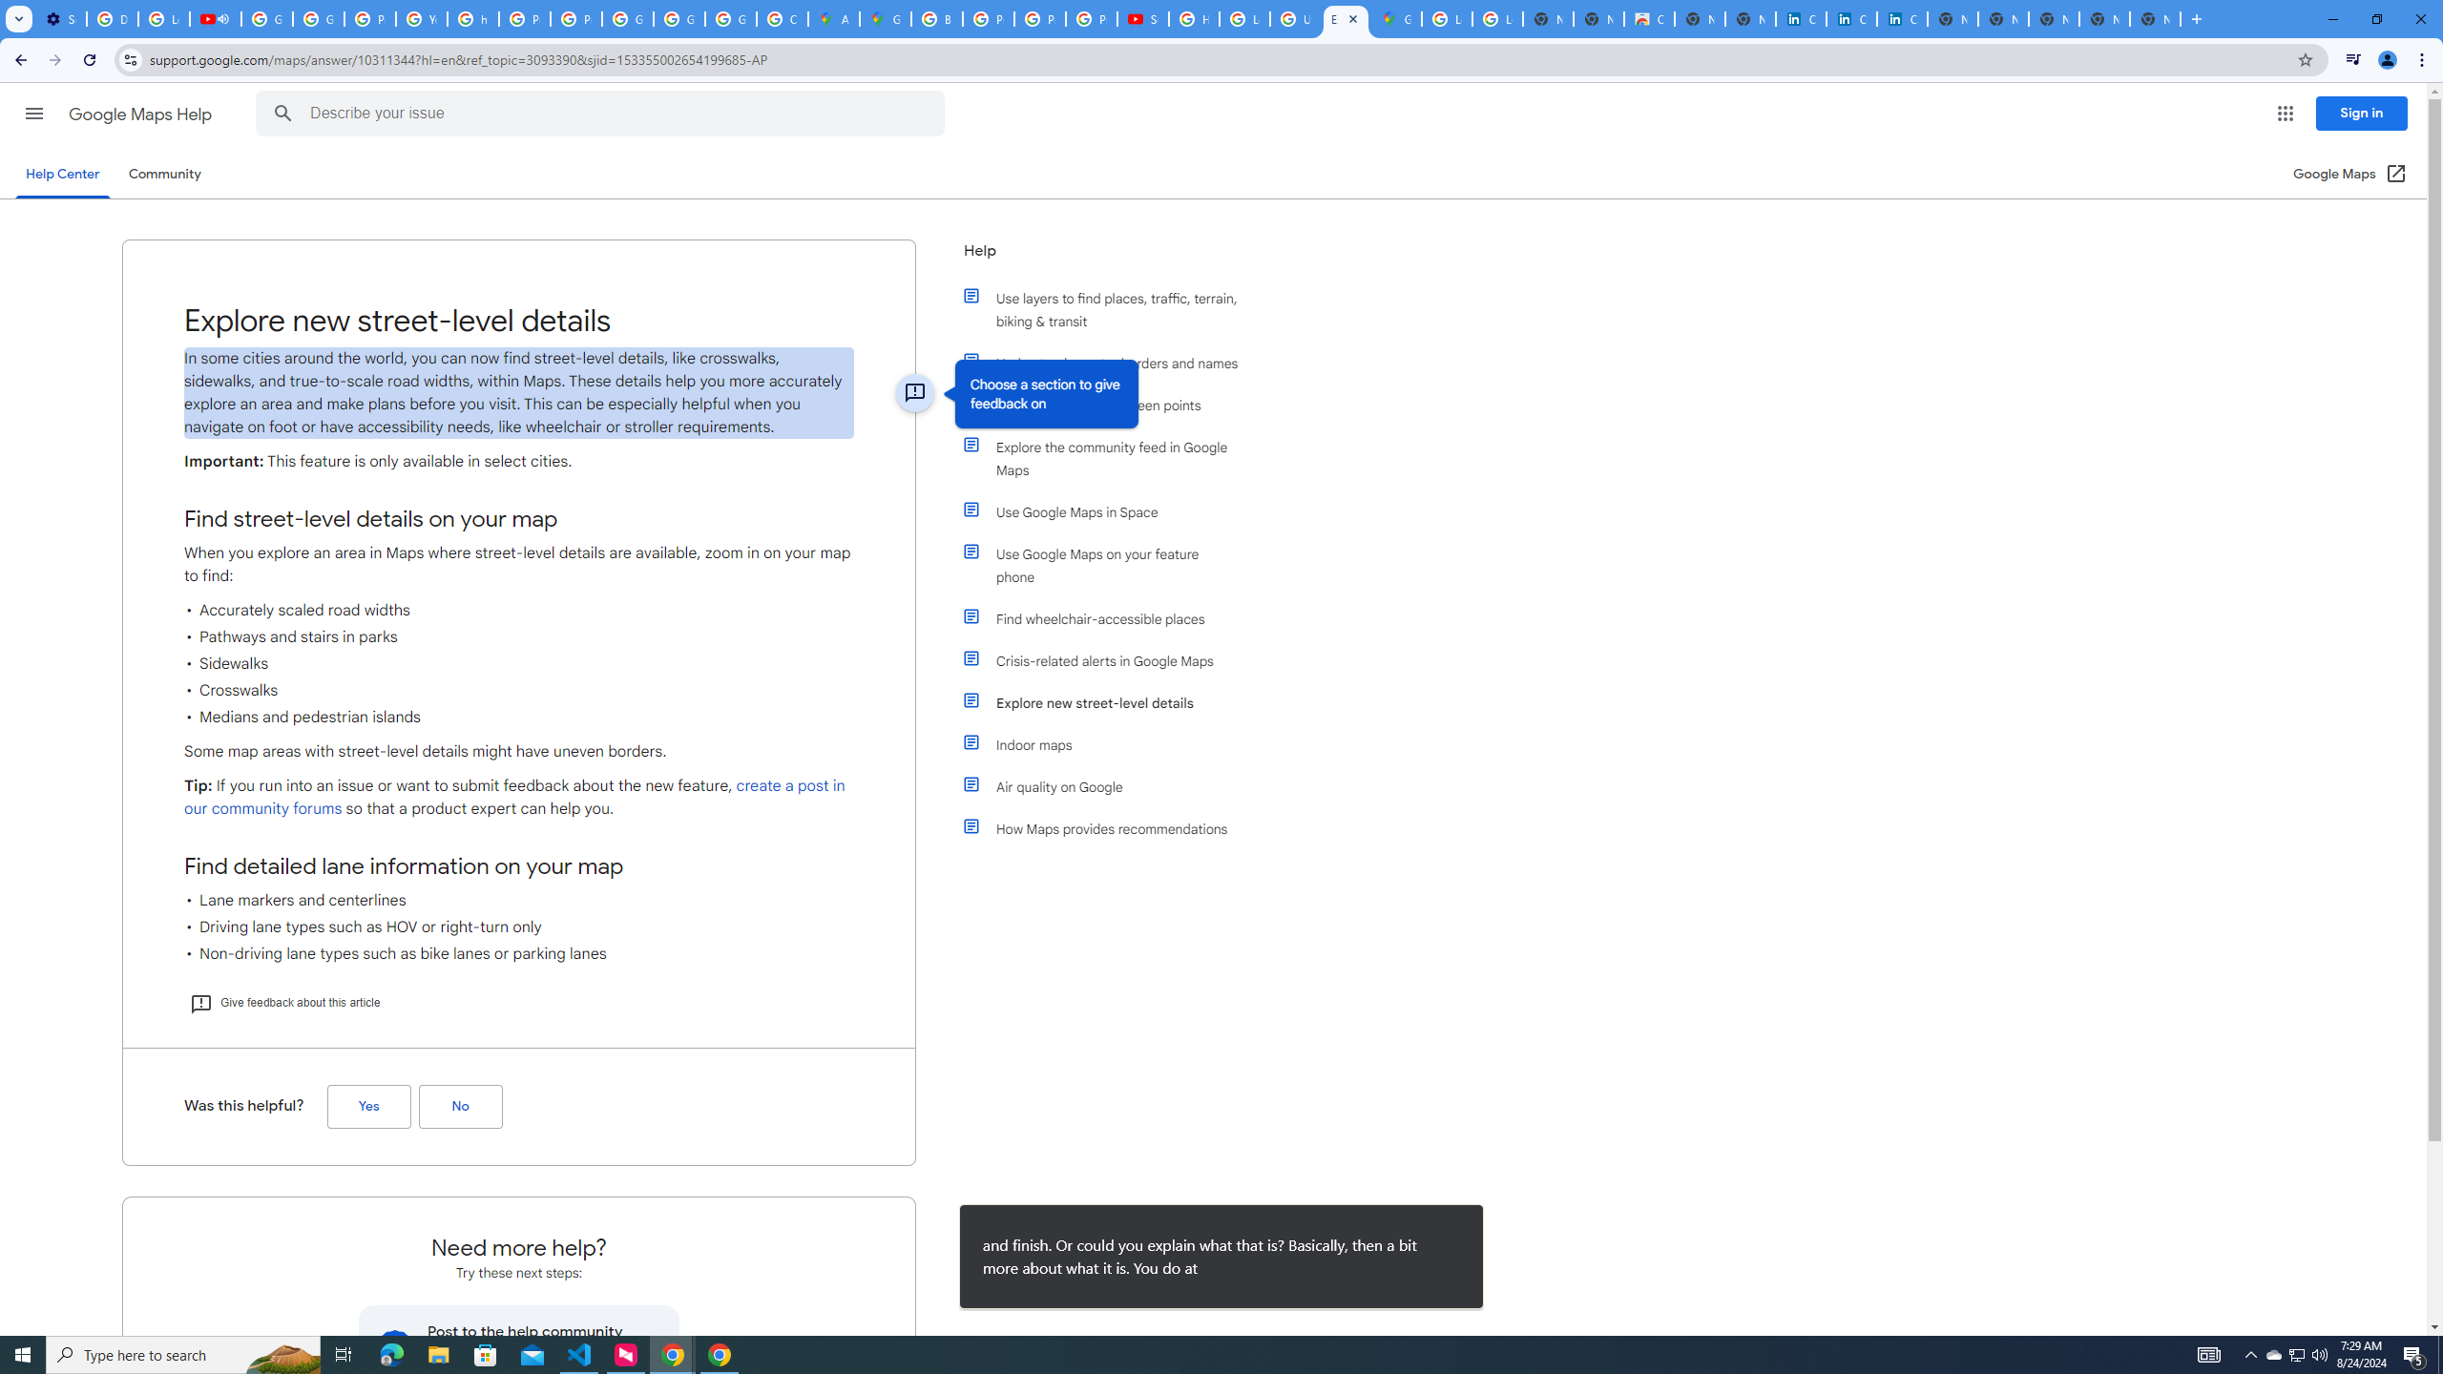 The width and height of the screenshot is (2443, 1374). What do you see at coordinates (1109, 564) in the screenshot?
I see `'Use Google Maps on your feature phone'` at bounding box center [1109, 564].